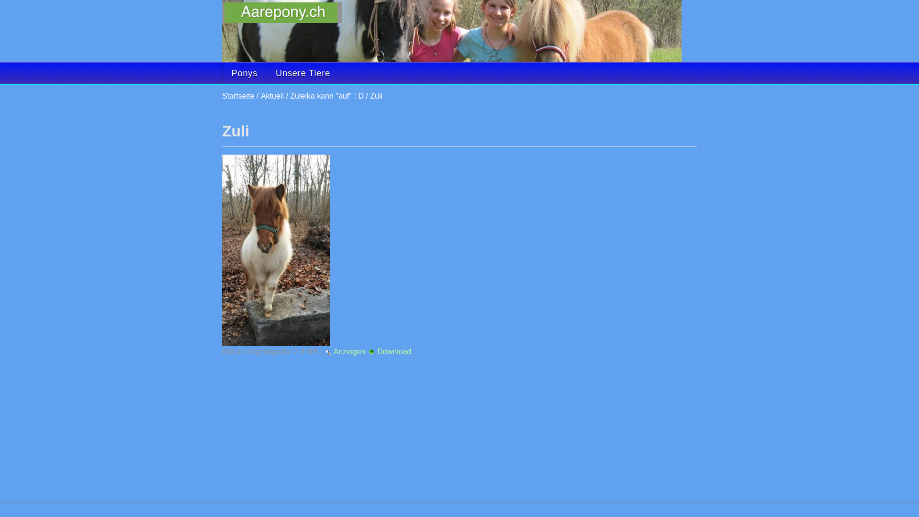 This screenshot has width=919, height=517. Describe the element at coordinates (376, 96) in the screenshot. I see `'Zuli'` at that location.